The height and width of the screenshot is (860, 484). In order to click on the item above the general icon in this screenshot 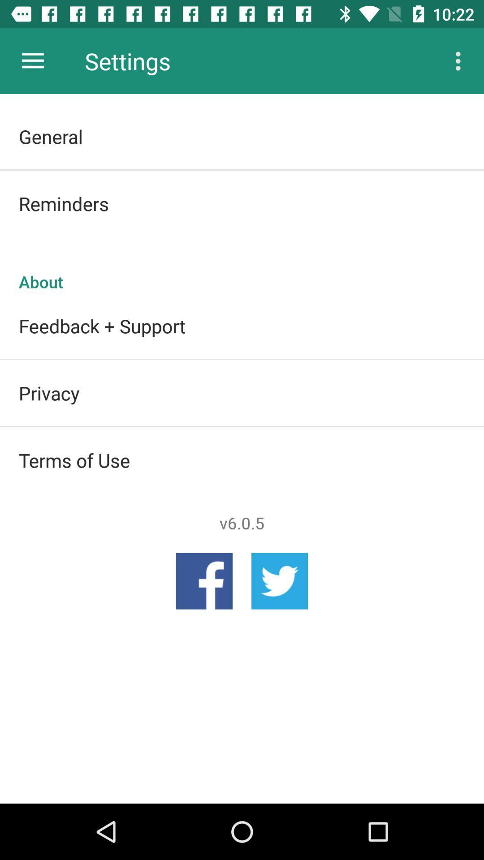, I will do `click(460, 60)`.